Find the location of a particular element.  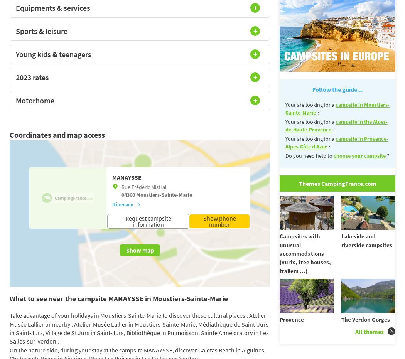

'Provence' is located at coordinates (292, 319).